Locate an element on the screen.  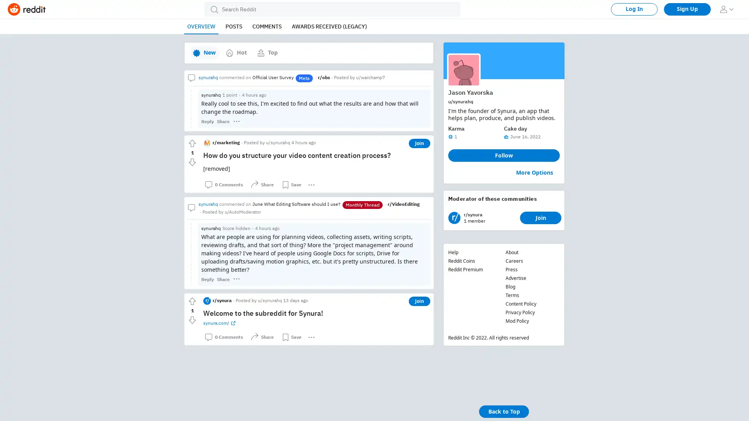
Share is located at coordinates (262, 336).